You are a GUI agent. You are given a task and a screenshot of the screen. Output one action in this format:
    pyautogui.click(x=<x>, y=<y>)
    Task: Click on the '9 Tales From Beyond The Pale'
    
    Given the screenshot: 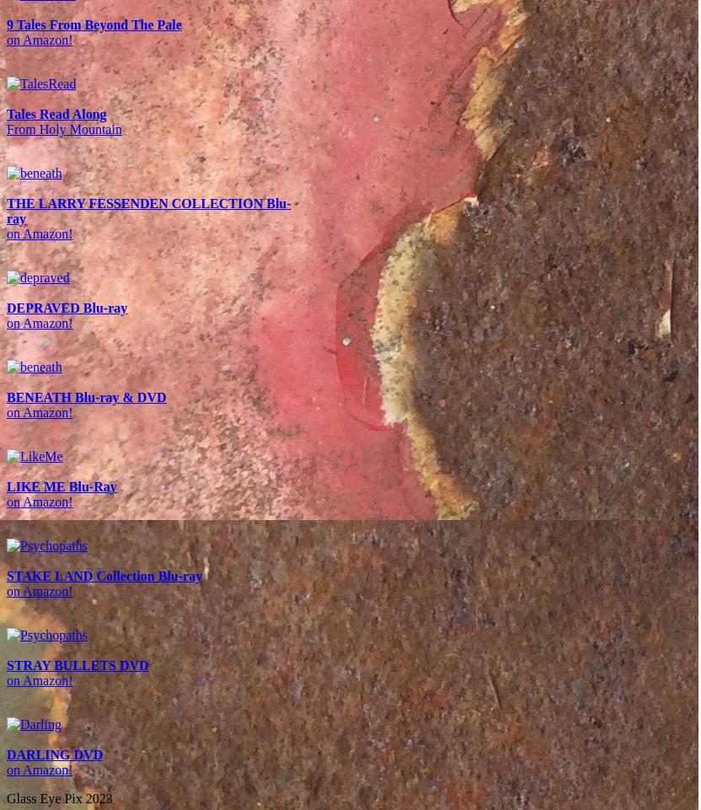 What is the action you would take?
    pyautogui.click(x=94, y=23)
    